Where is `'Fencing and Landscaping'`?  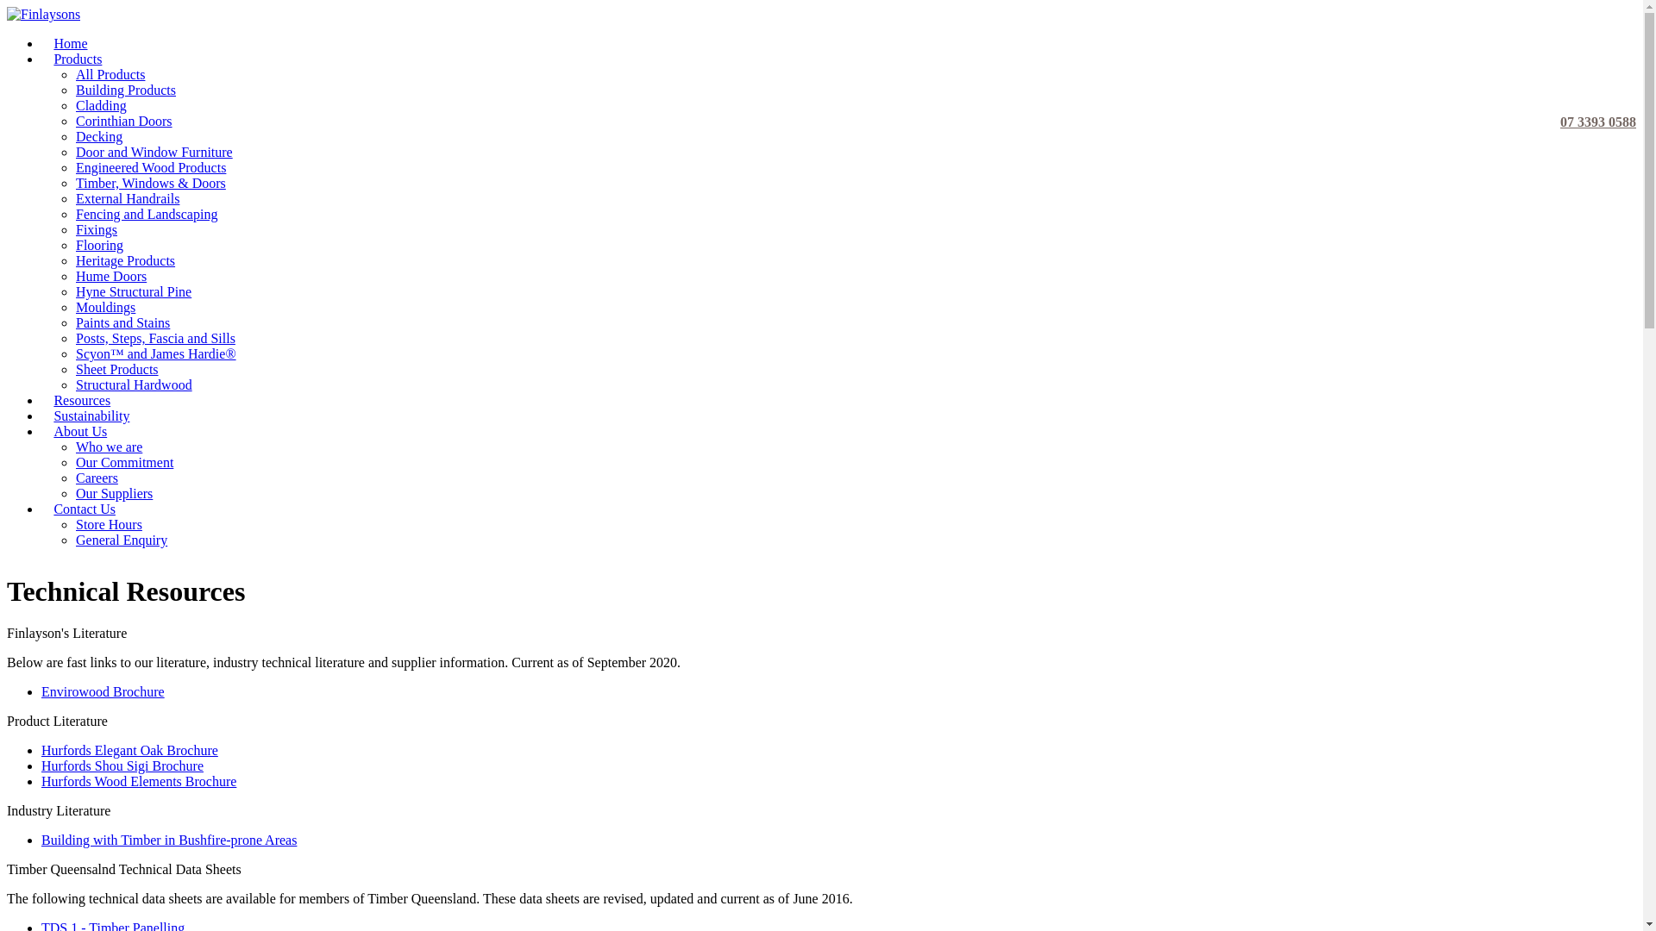
'Fencing and Landscaping' is located at coordinates (146, 213).